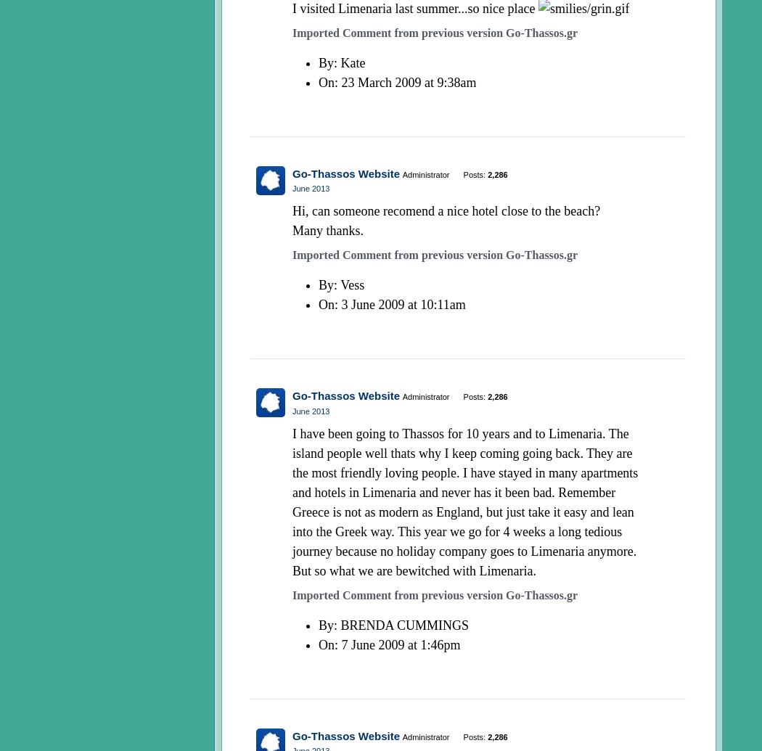  I want to click on ': Vess', so click(349, 284).